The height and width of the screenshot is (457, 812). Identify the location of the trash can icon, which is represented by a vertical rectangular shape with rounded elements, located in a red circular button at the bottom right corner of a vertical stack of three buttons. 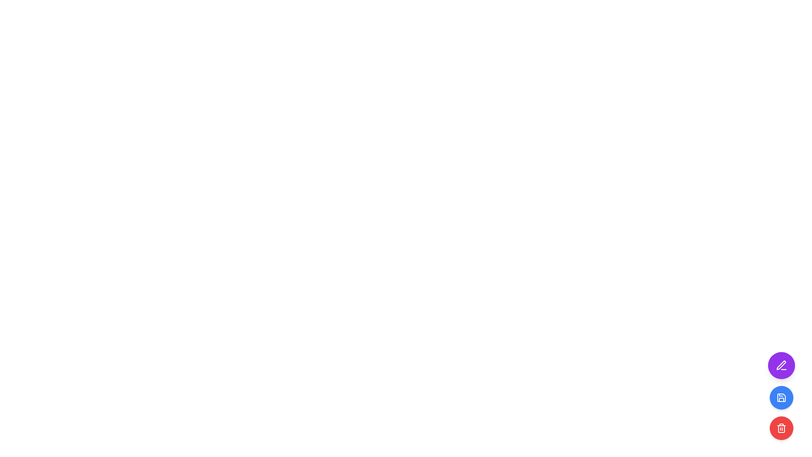
(781, 429).